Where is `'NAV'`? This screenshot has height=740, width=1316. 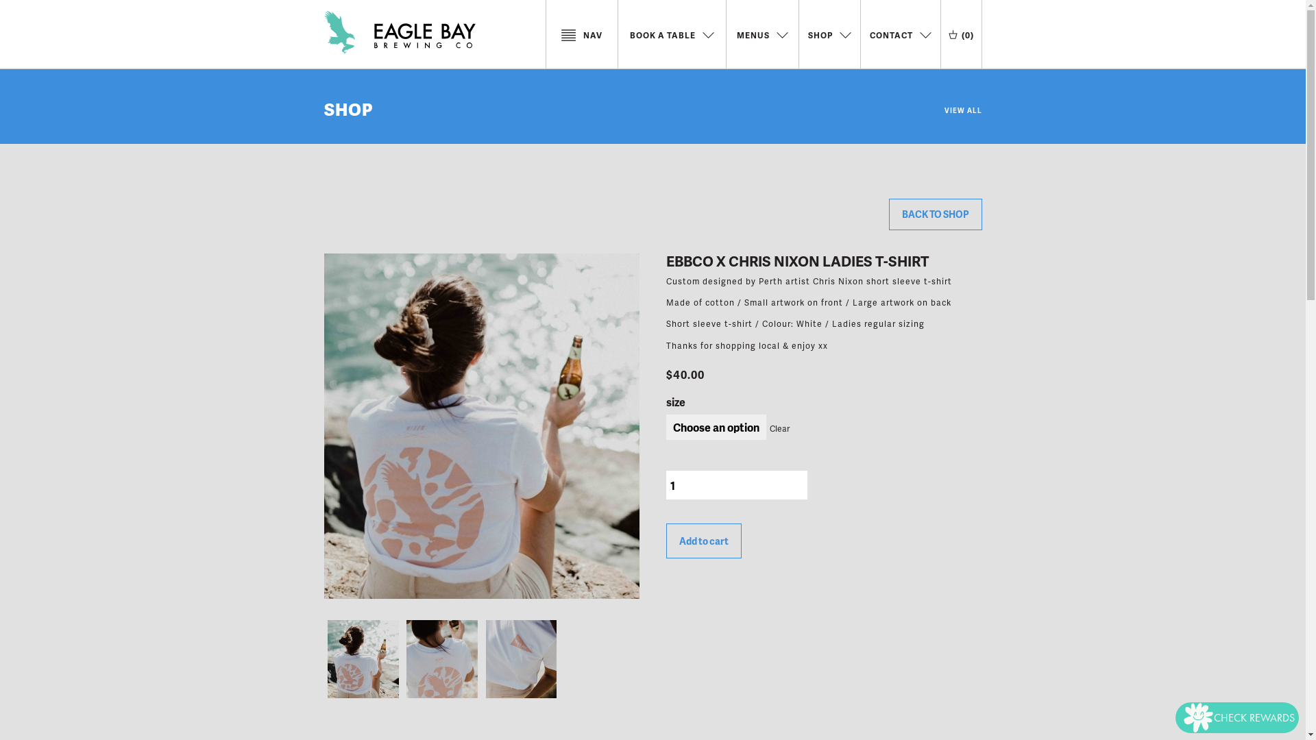 'NAV' is located at coordinates (581, 34).